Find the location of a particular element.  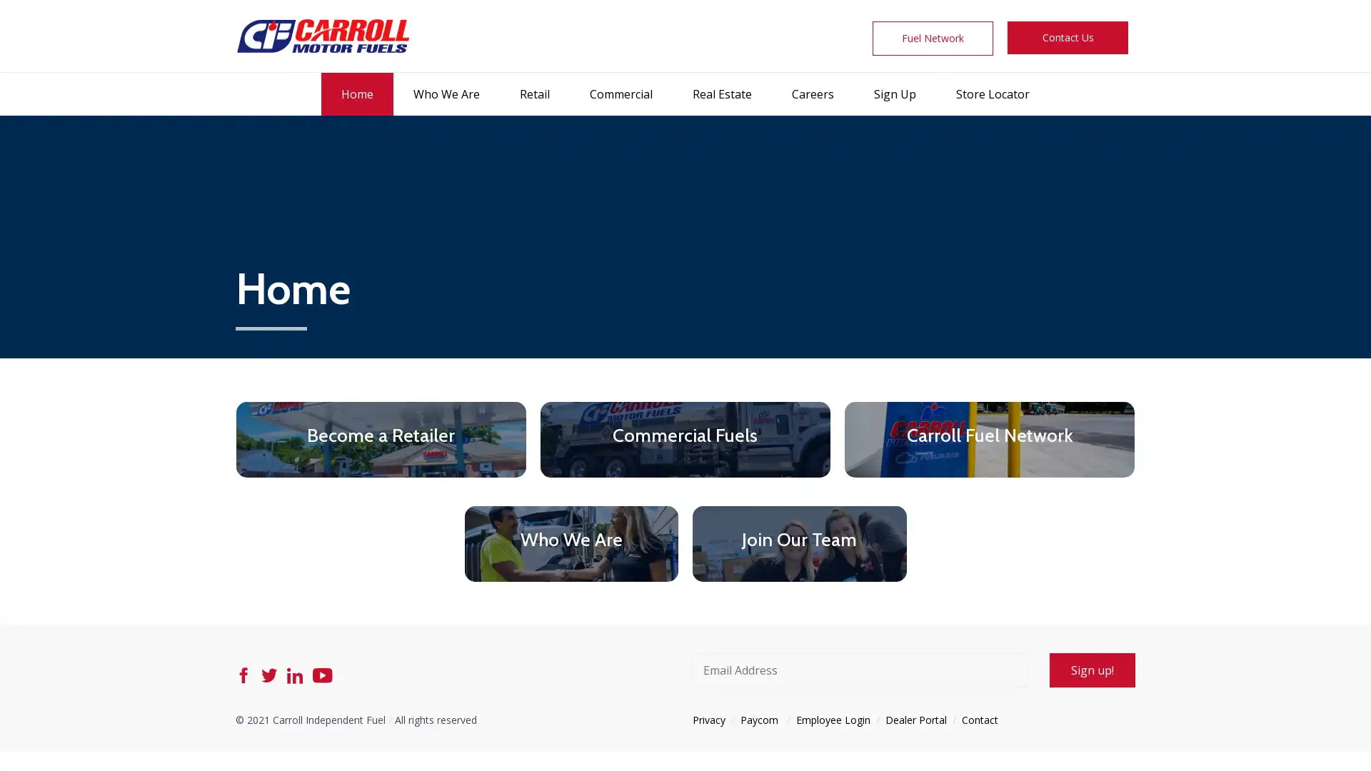

Fuel Network is located at coordinates (933, 38).